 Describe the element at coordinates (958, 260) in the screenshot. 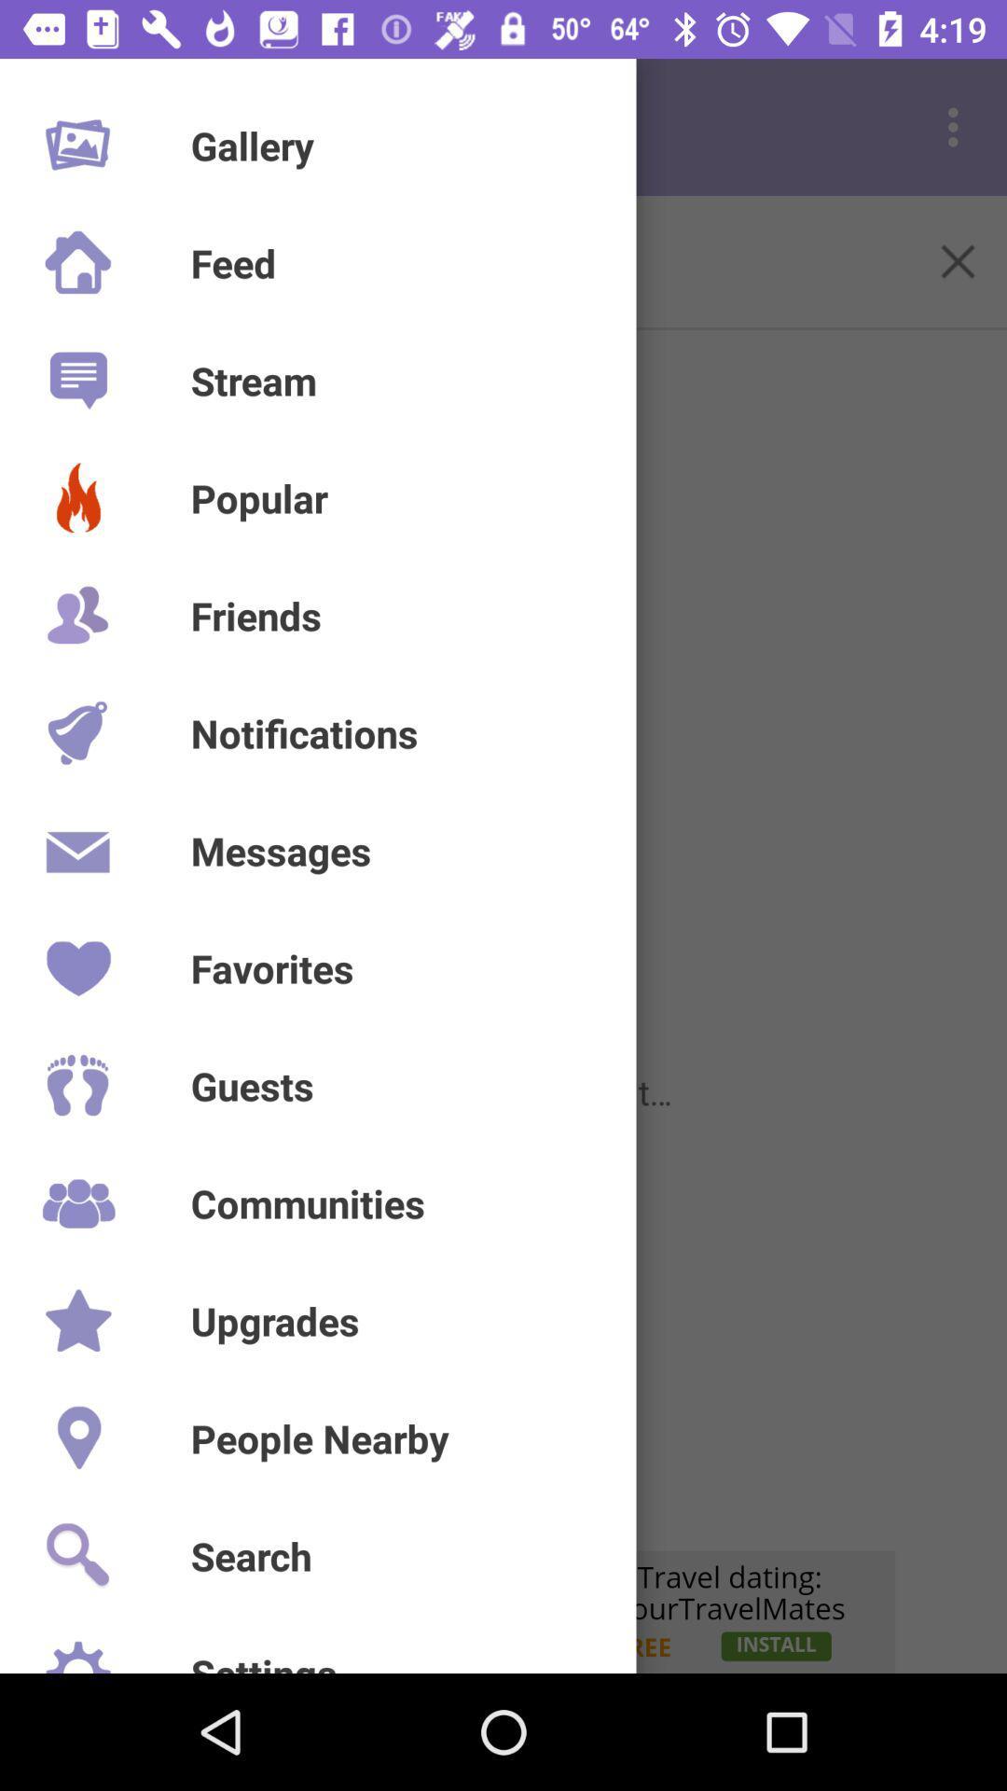

I see `the close icon` at that location.